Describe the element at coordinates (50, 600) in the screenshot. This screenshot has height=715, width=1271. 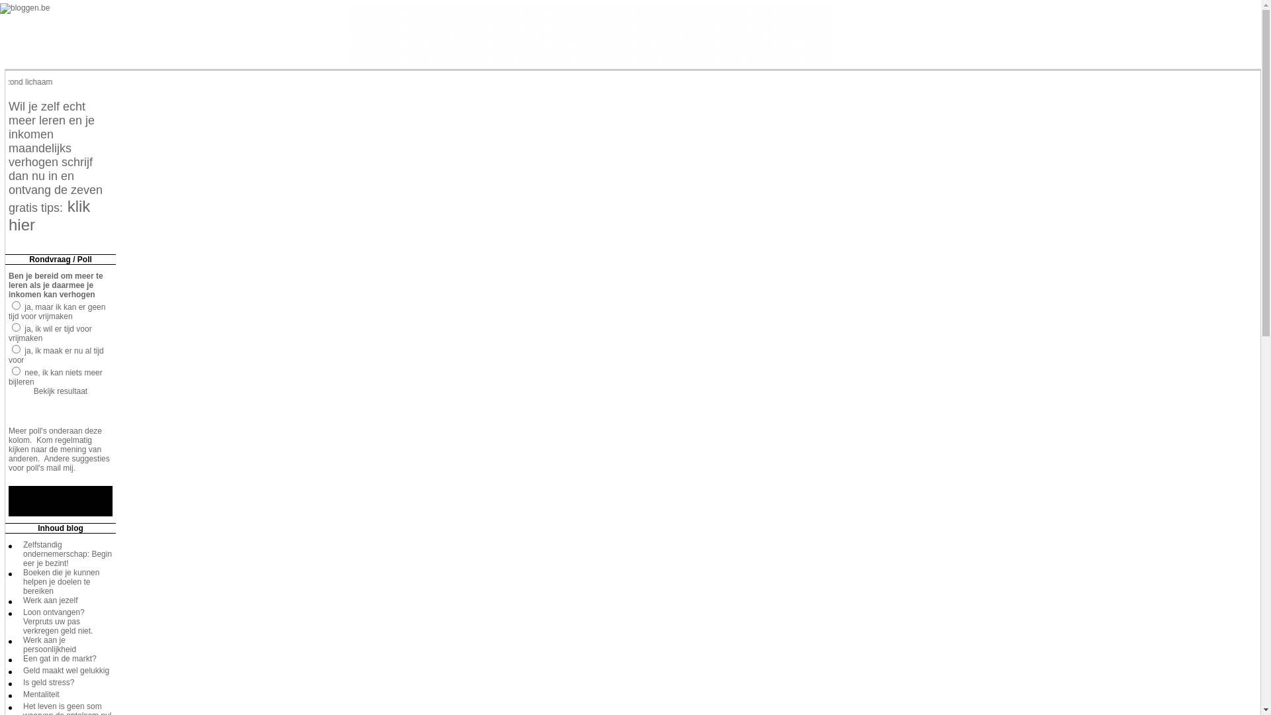
I see `'Werk aan jezelf'` at that location.